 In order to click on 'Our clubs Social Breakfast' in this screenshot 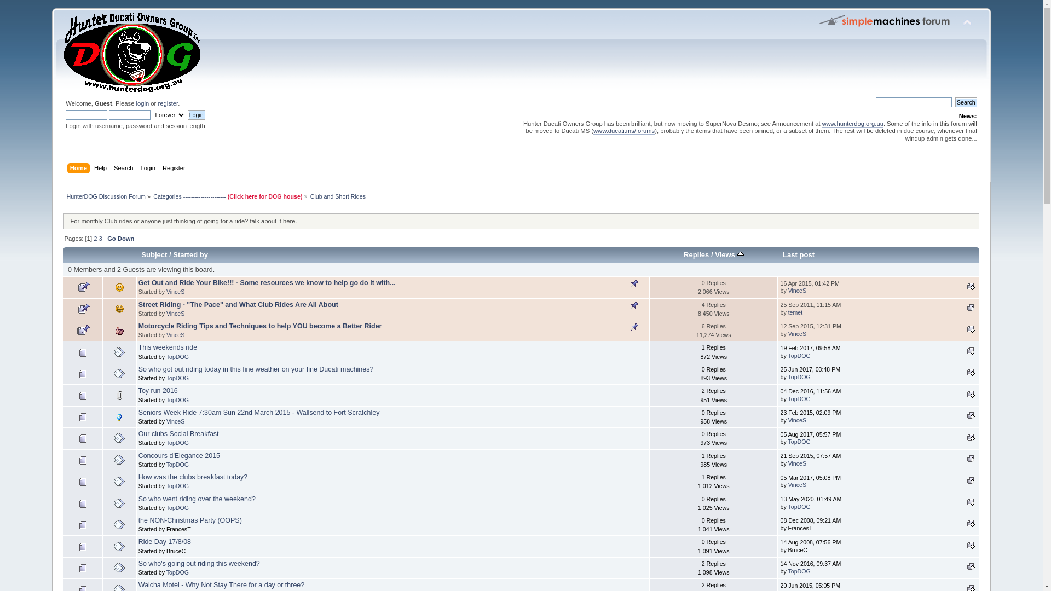, I will do `click(138, 433)`.